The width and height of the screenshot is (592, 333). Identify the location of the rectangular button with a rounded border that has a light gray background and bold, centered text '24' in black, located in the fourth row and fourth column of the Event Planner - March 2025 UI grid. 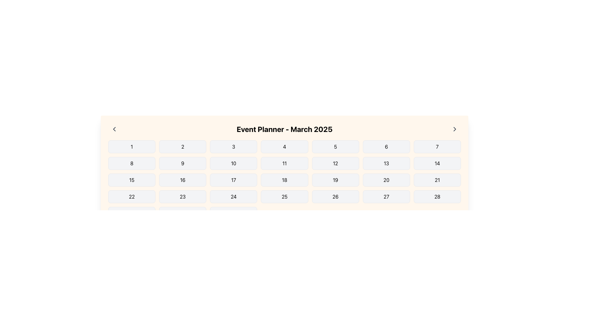
(233, 196).